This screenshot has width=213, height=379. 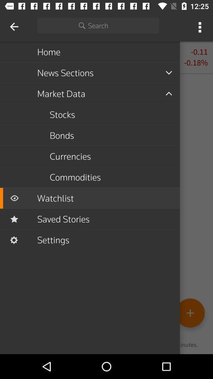 What do you see at coordinates (190, 313) in the screenshot?
I see `the add icon` at bounding box center [190, 313].